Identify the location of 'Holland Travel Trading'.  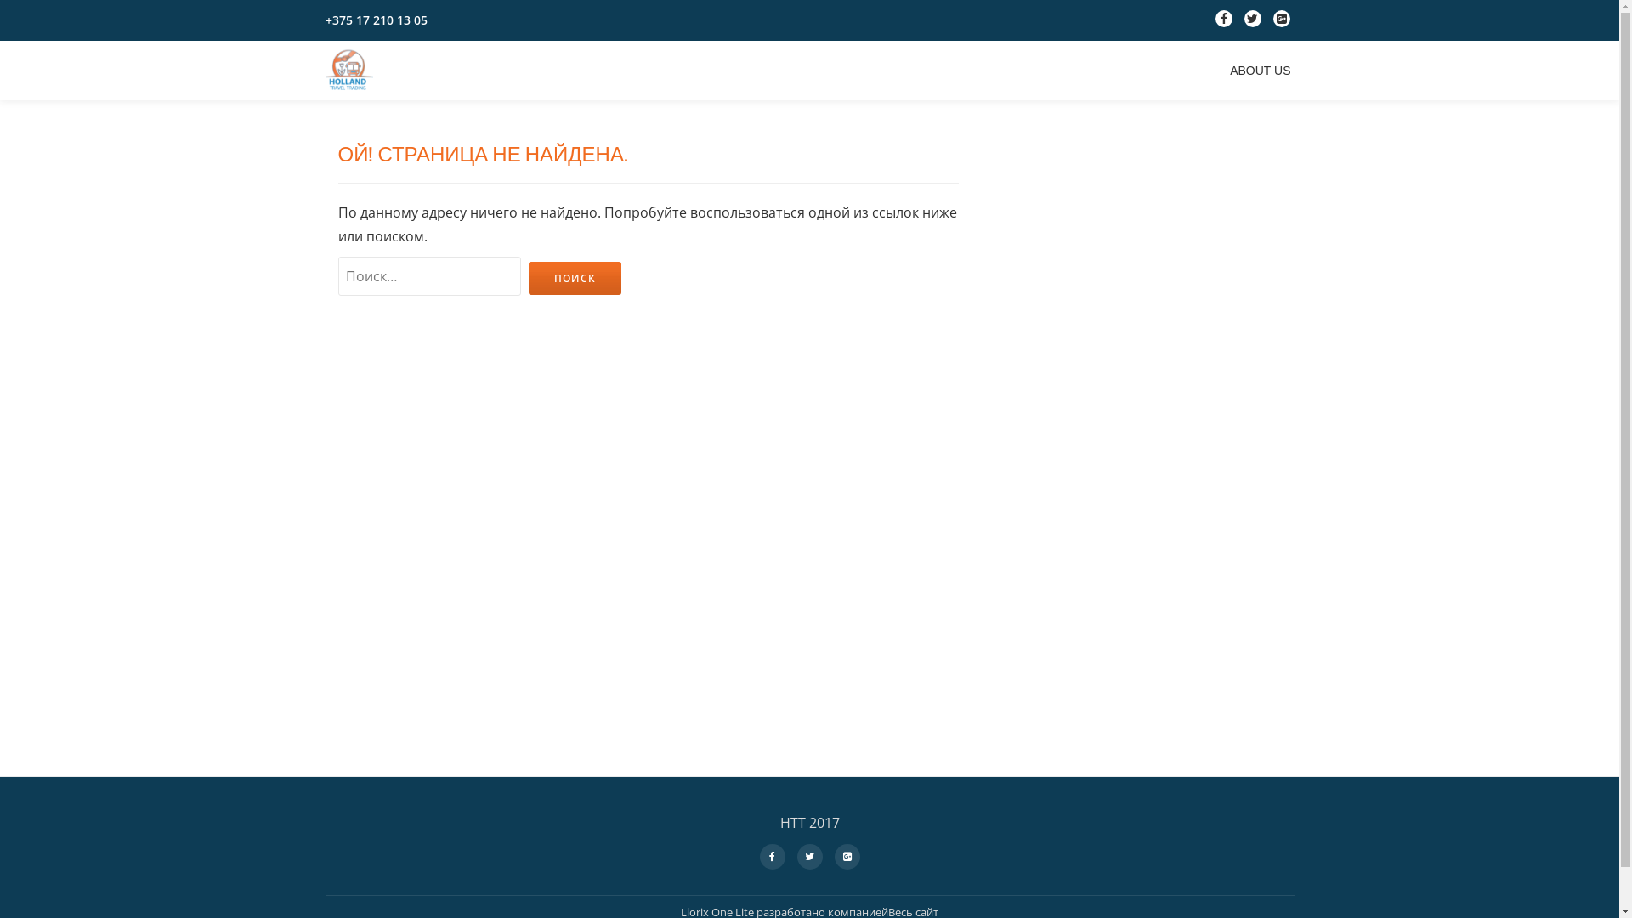
(350, 70).